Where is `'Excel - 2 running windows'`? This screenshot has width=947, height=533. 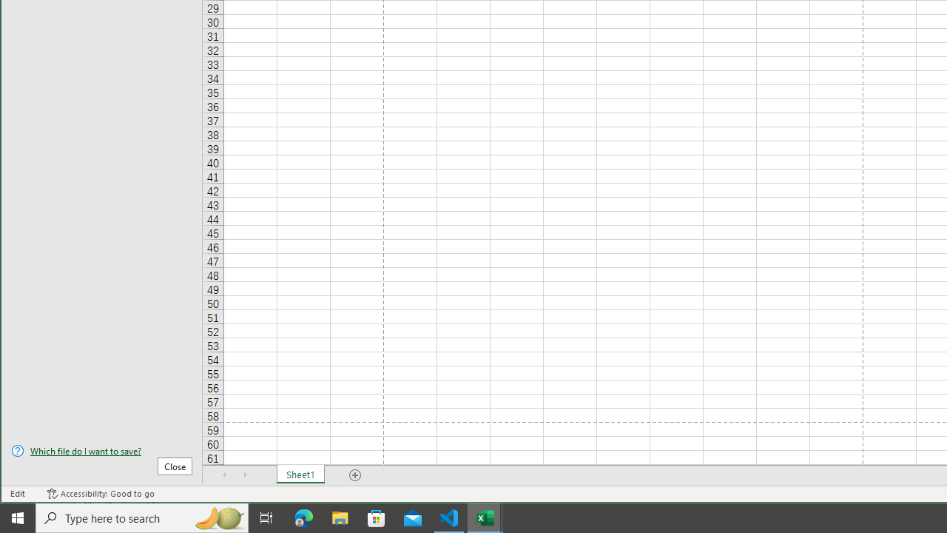 'Excel - 2 running windows' is located at coordinates (485, 517).